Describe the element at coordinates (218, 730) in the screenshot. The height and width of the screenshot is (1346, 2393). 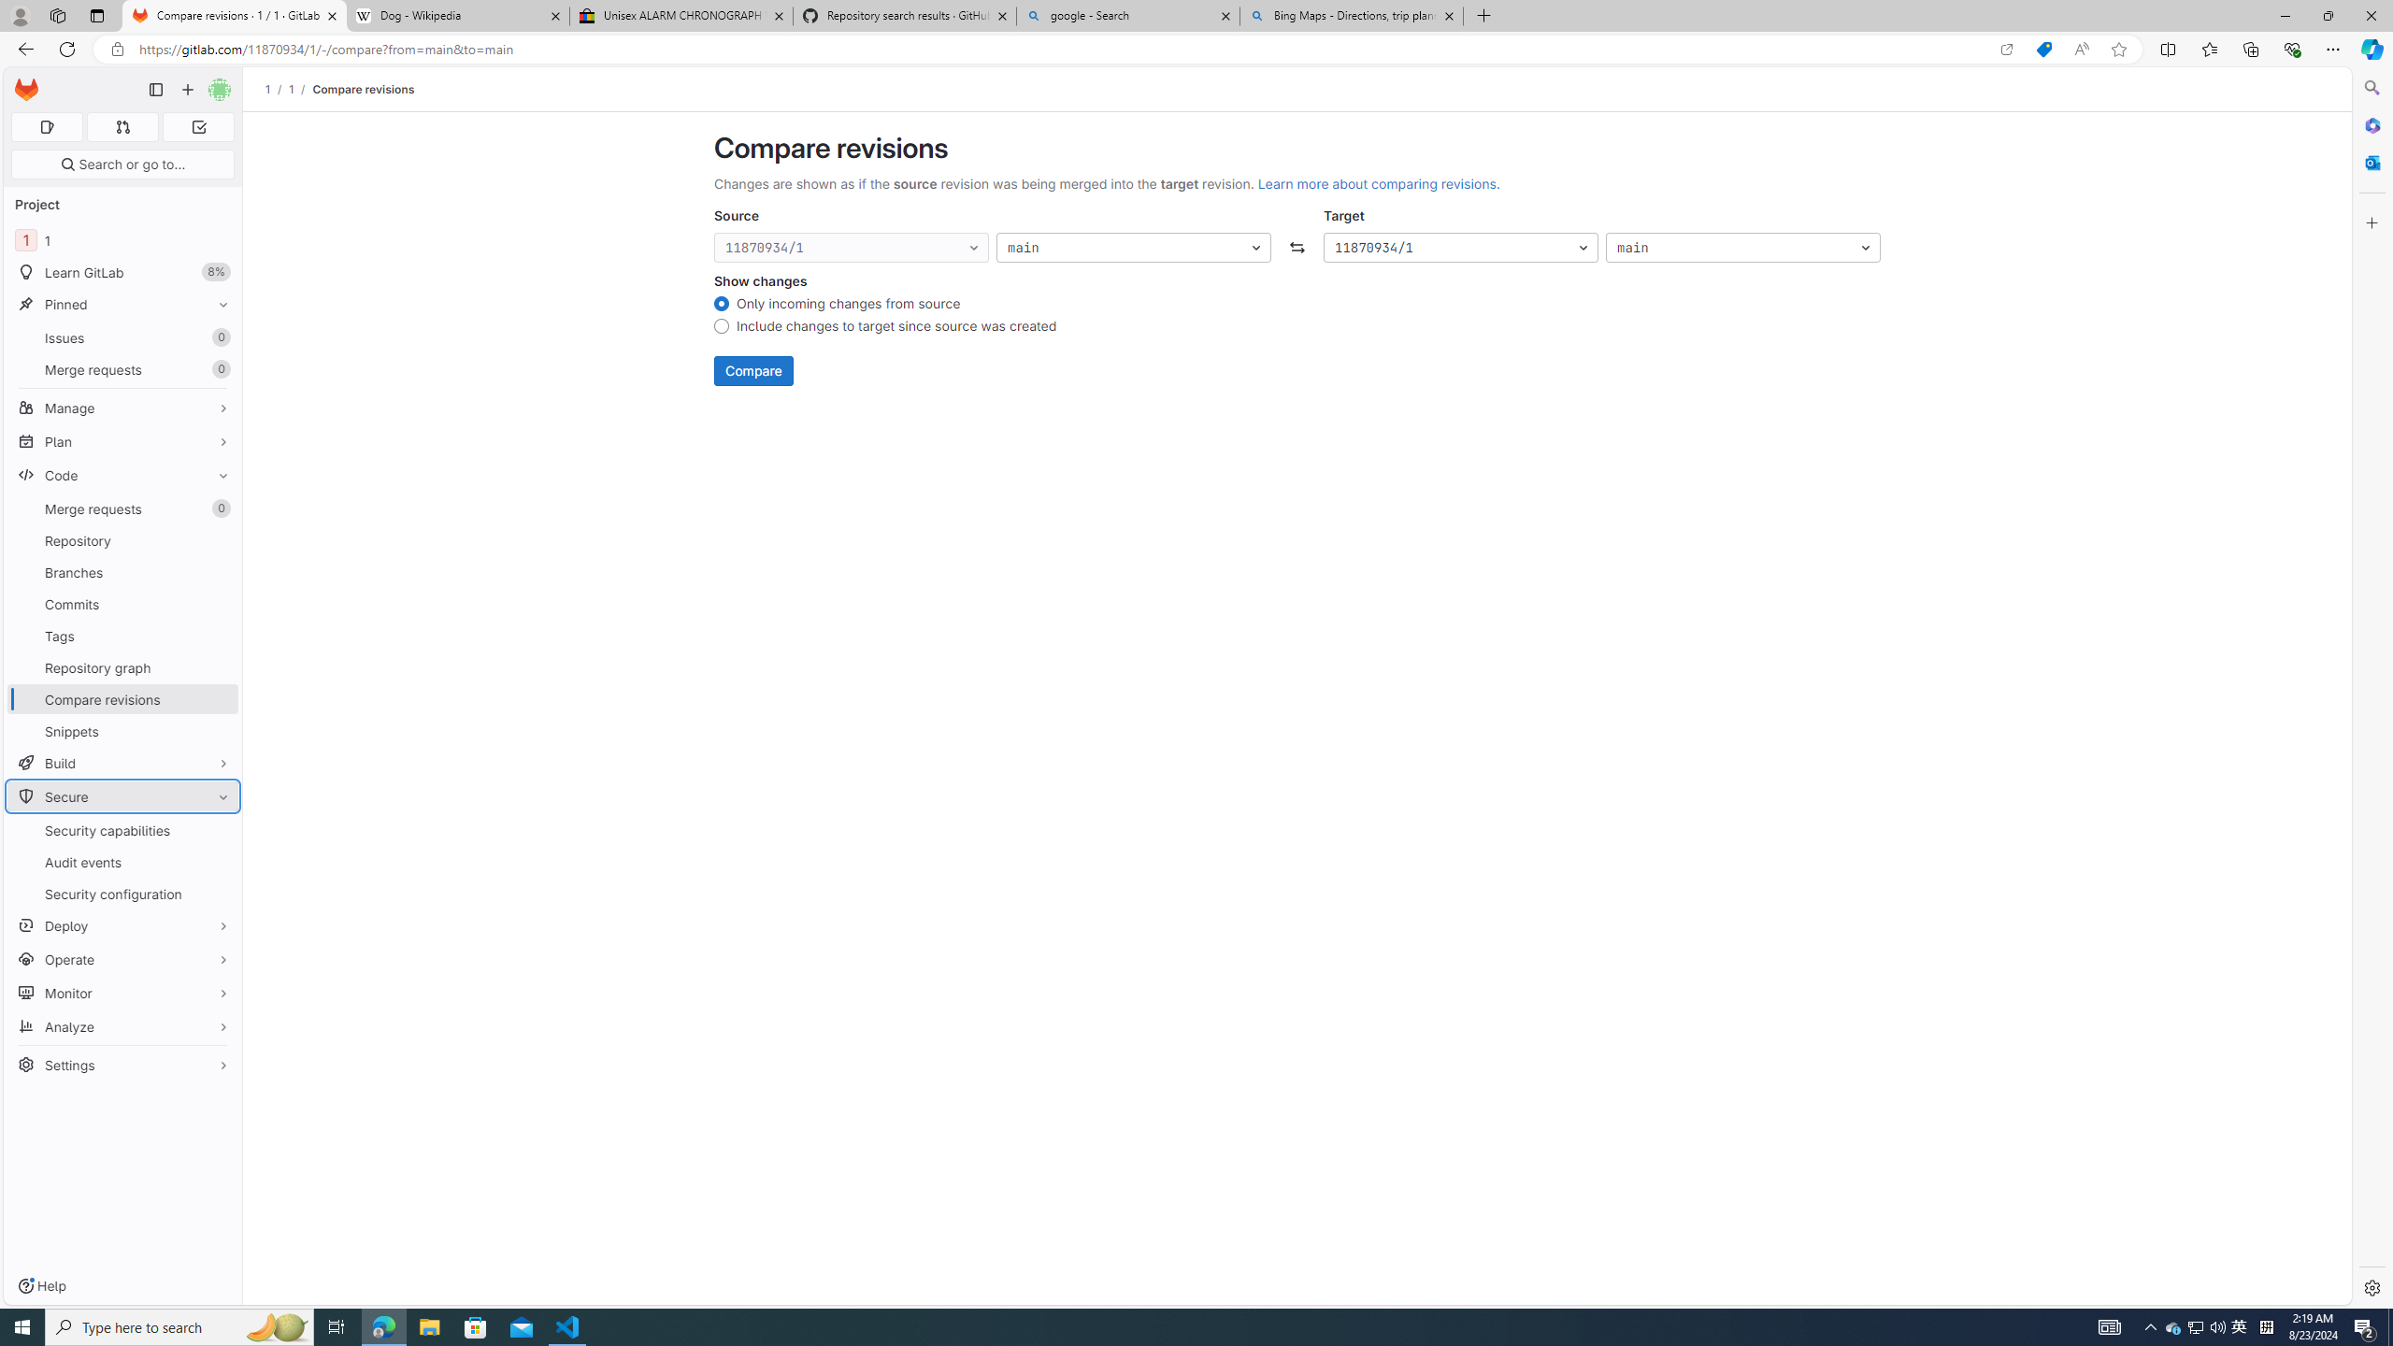
I see `'Pin Snippets'` at that location.